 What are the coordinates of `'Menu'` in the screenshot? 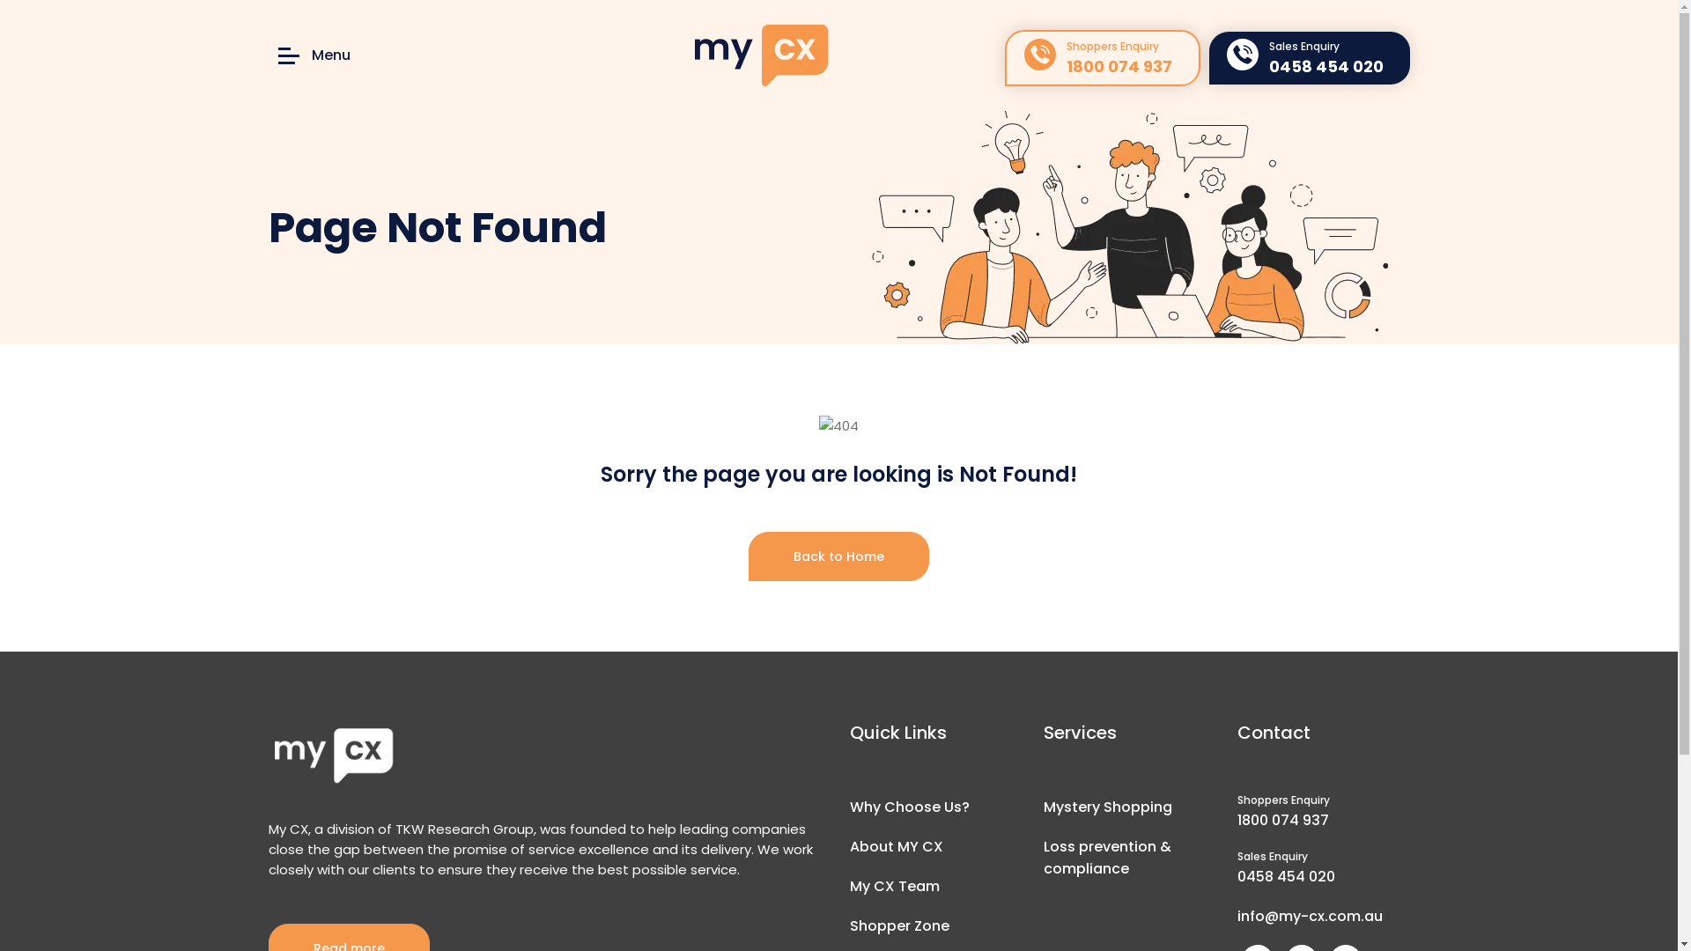 It's located at (313, 54).